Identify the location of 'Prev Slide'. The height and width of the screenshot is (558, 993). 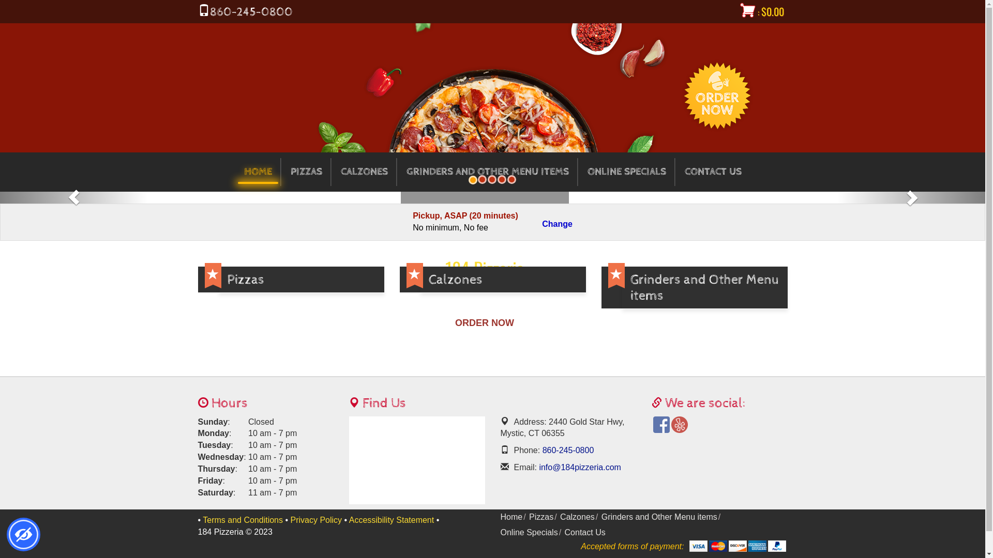
(73, 197).